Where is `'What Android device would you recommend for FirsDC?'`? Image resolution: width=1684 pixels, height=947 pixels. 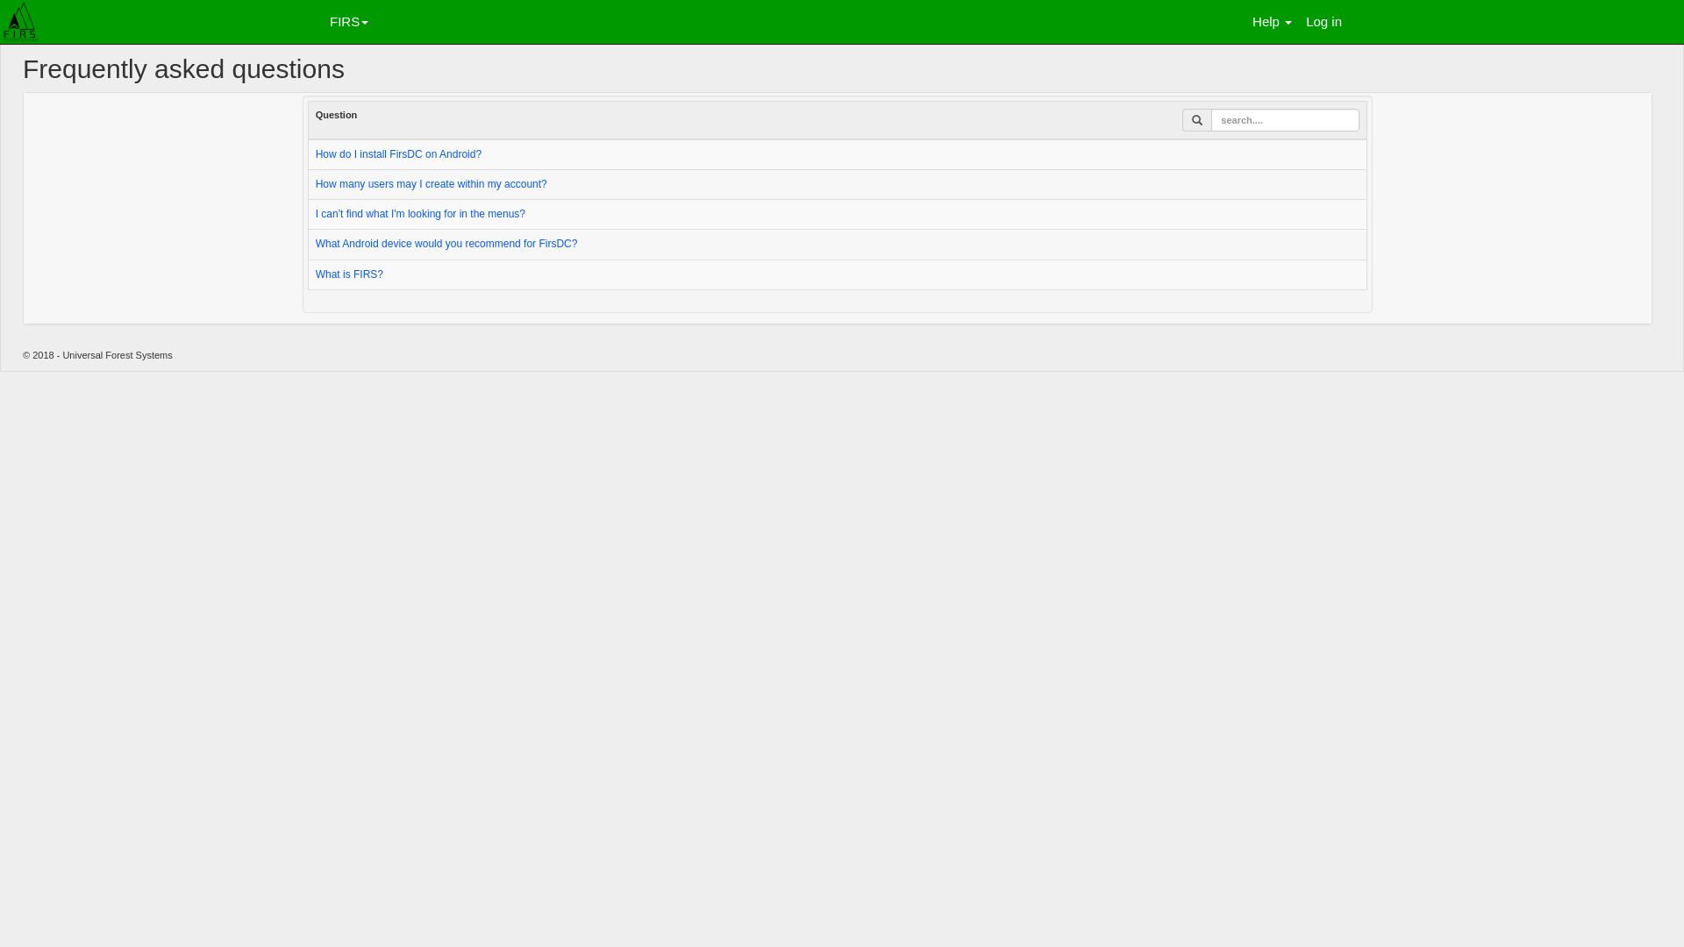
'What Android device would you recommend for FirsDC?' is located at coordinates (316, 244).